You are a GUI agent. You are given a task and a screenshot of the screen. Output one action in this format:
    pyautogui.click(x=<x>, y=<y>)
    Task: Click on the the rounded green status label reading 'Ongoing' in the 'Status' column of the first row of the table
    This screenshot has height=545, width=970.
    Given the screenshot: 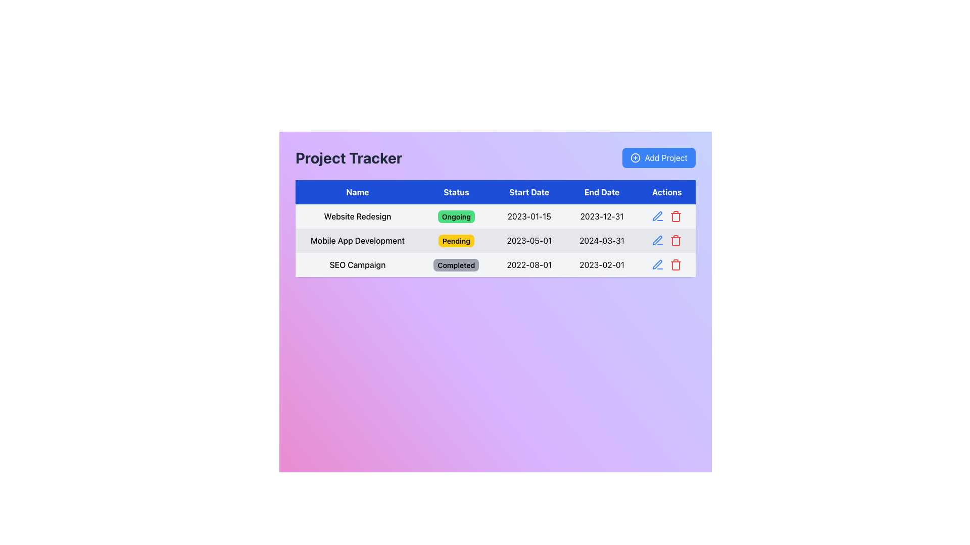 What is the action you would take?
    pyautogui.click(x=456, y=216)
    